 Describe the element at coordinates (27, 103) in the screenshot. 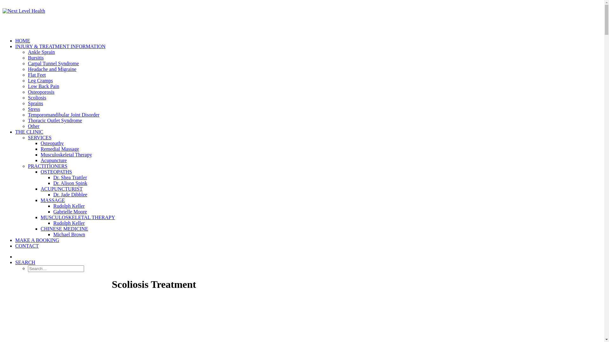

I see `'Sprains'` at that location.